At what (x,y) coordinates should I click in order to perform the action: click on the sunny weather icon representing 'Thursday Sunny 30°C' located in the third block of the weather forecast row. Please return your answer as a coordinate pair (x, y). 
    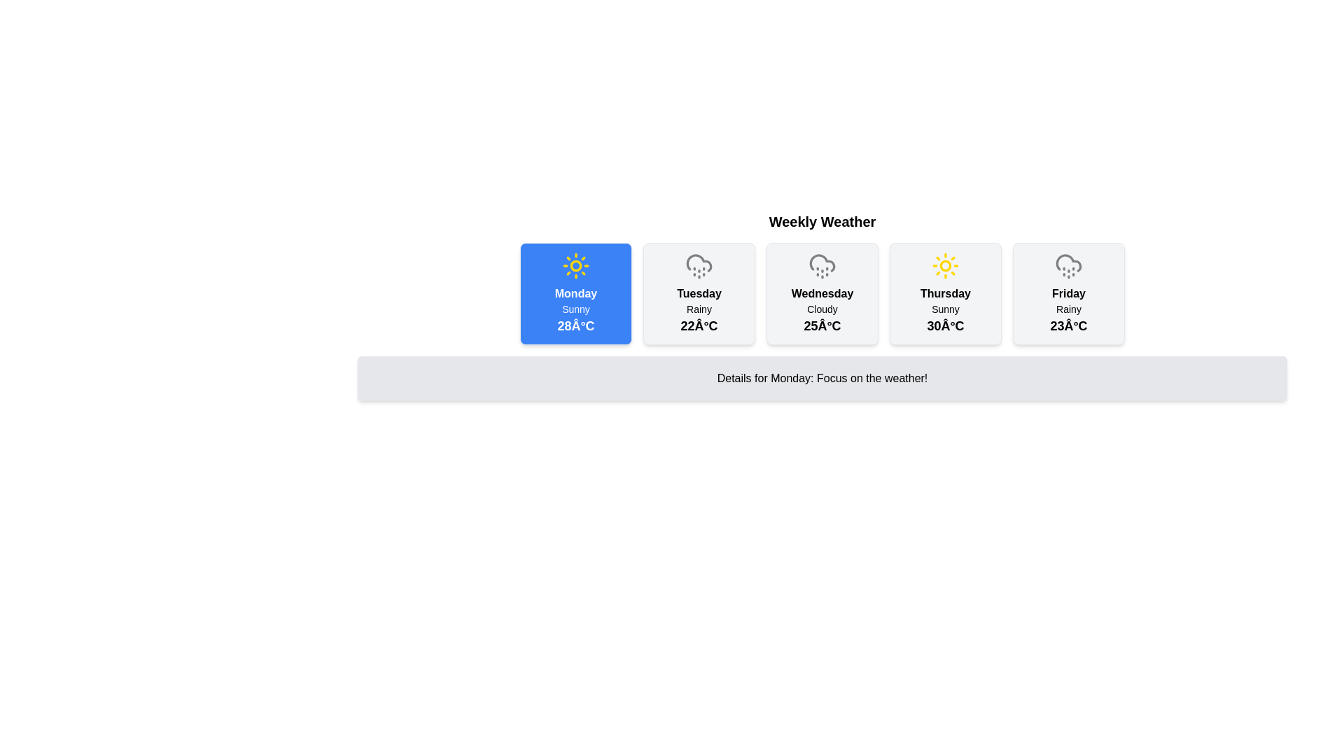
    Looking at the image, I should click on (945, 266).